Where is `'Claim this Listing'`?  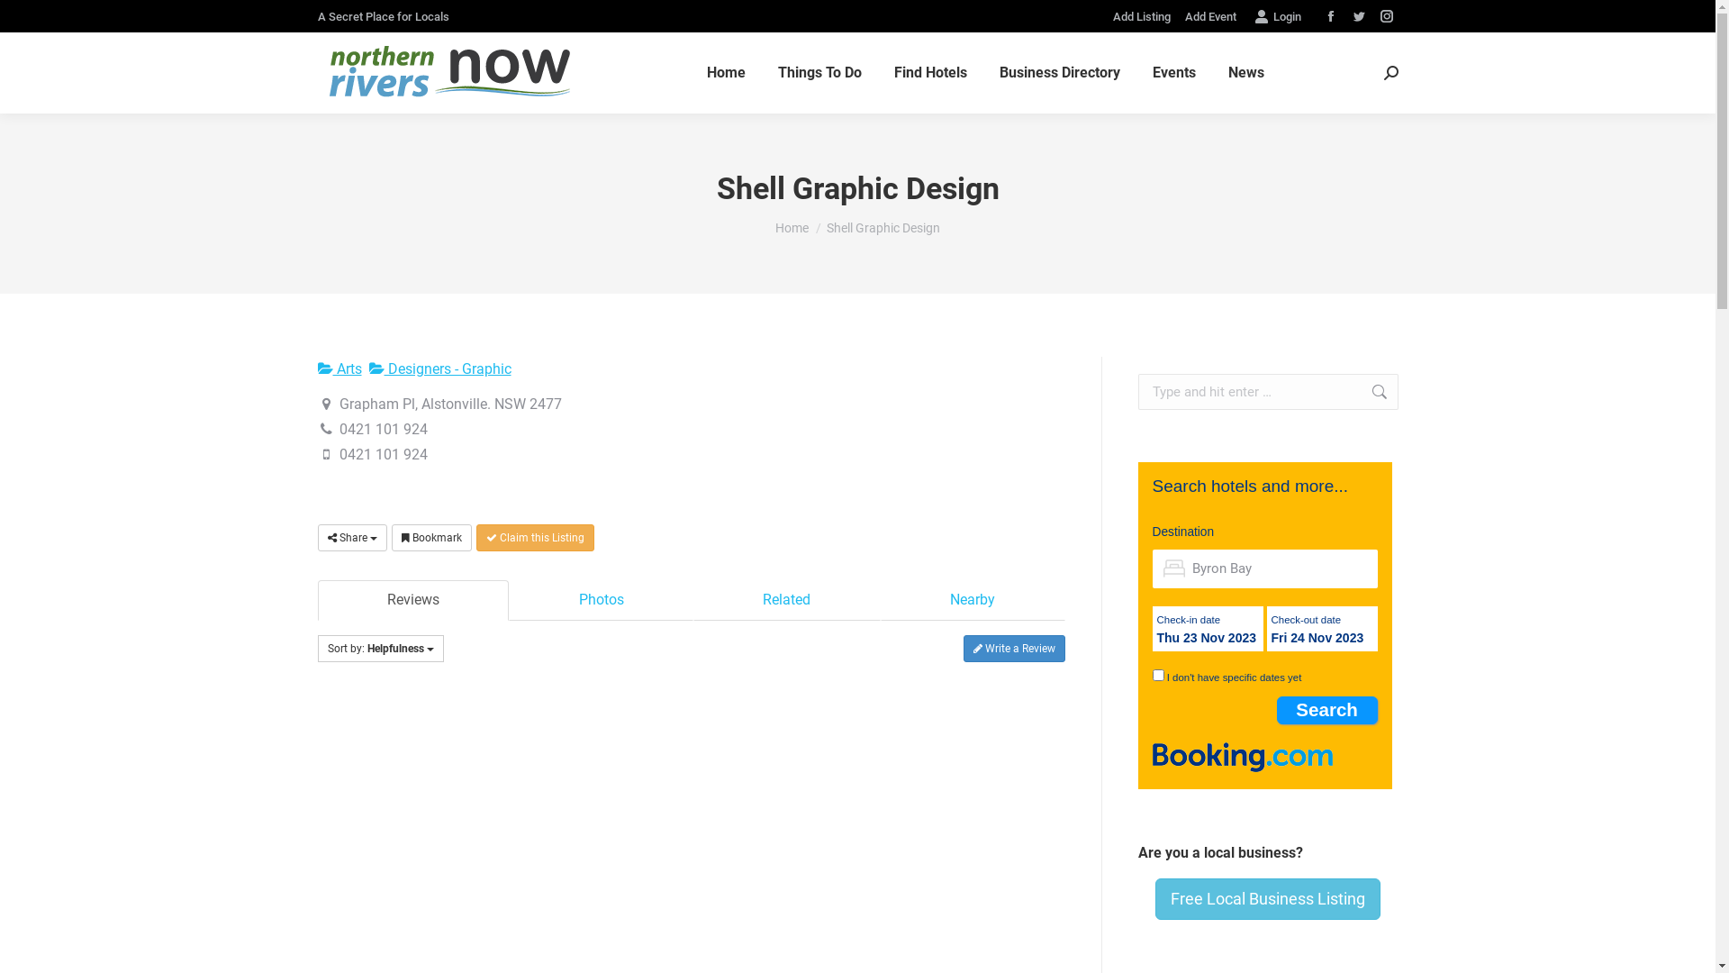
'Claim this Listing' is located at coordinates (533, 537).